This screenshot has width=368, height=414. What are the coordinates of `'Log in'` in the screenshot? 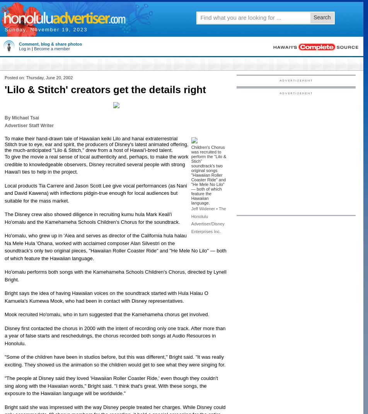 It's located at (24, 48).